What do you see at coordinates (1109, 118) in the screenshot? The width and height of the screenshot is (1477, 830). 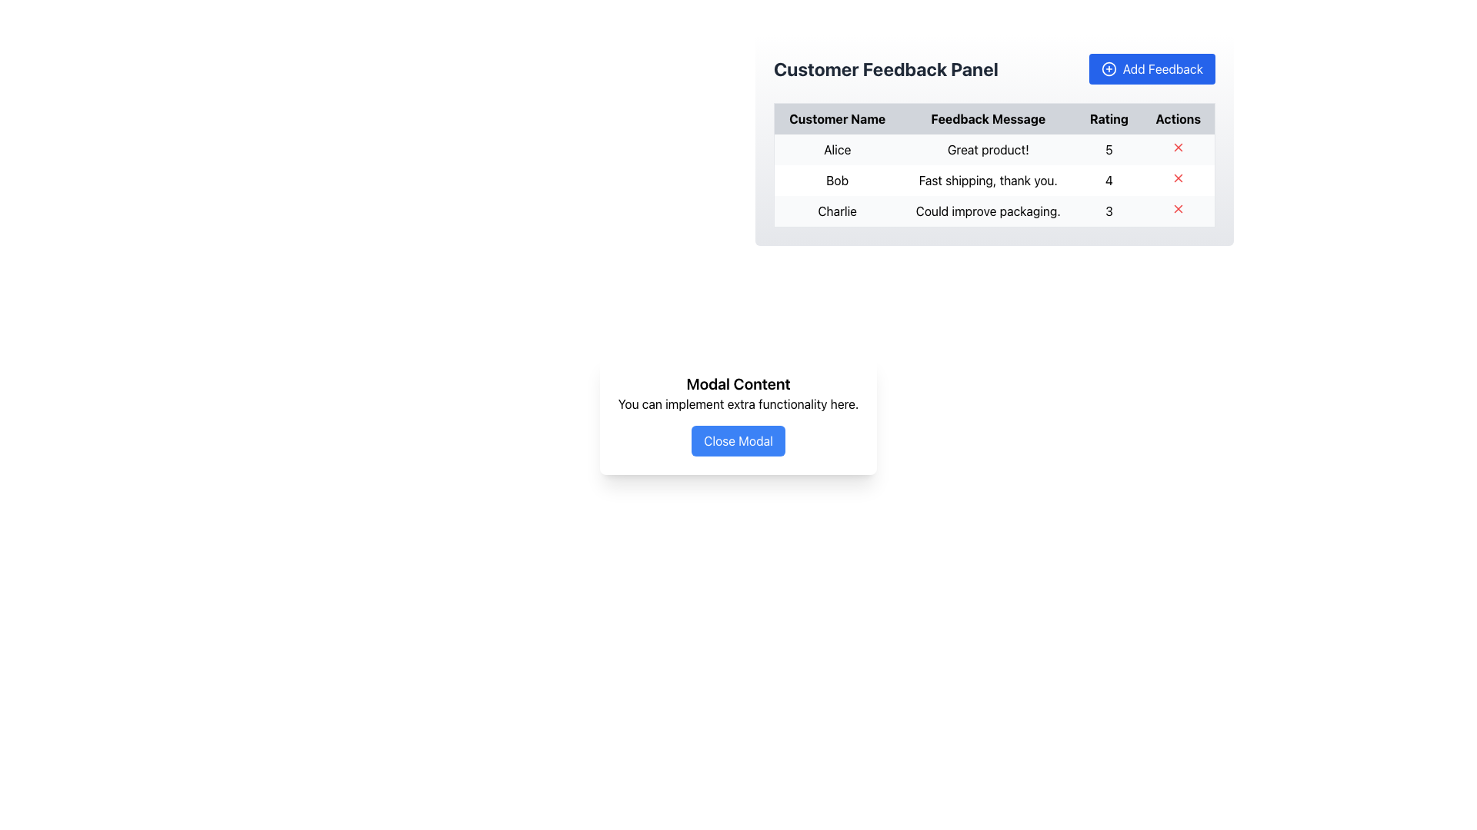 I see `the 'Rating' column header, which is the third column in the table located between 'Feedback Message' and 'Actions'` at bounding box center [1109, 118].